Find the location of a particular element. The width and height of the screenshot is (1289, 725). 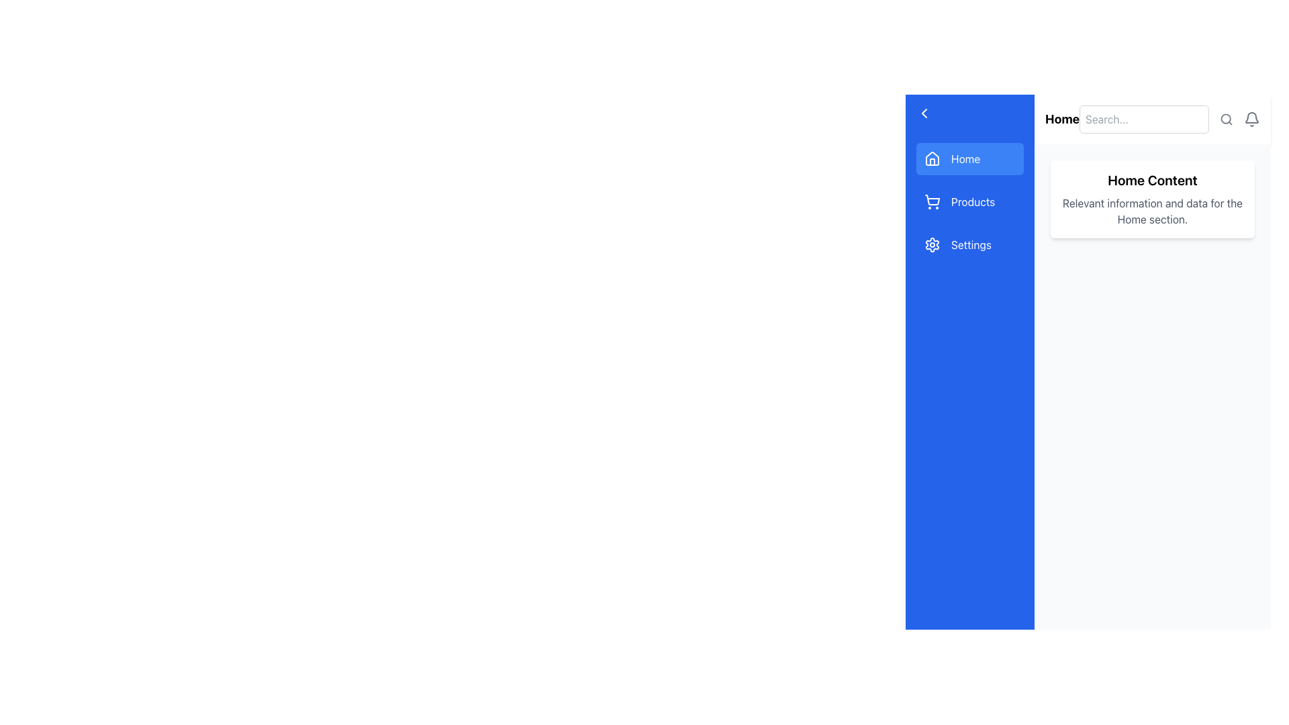

the 'Home' navigation button located at the top of the vertical sidebar menu is located at coordinates (931, 160).